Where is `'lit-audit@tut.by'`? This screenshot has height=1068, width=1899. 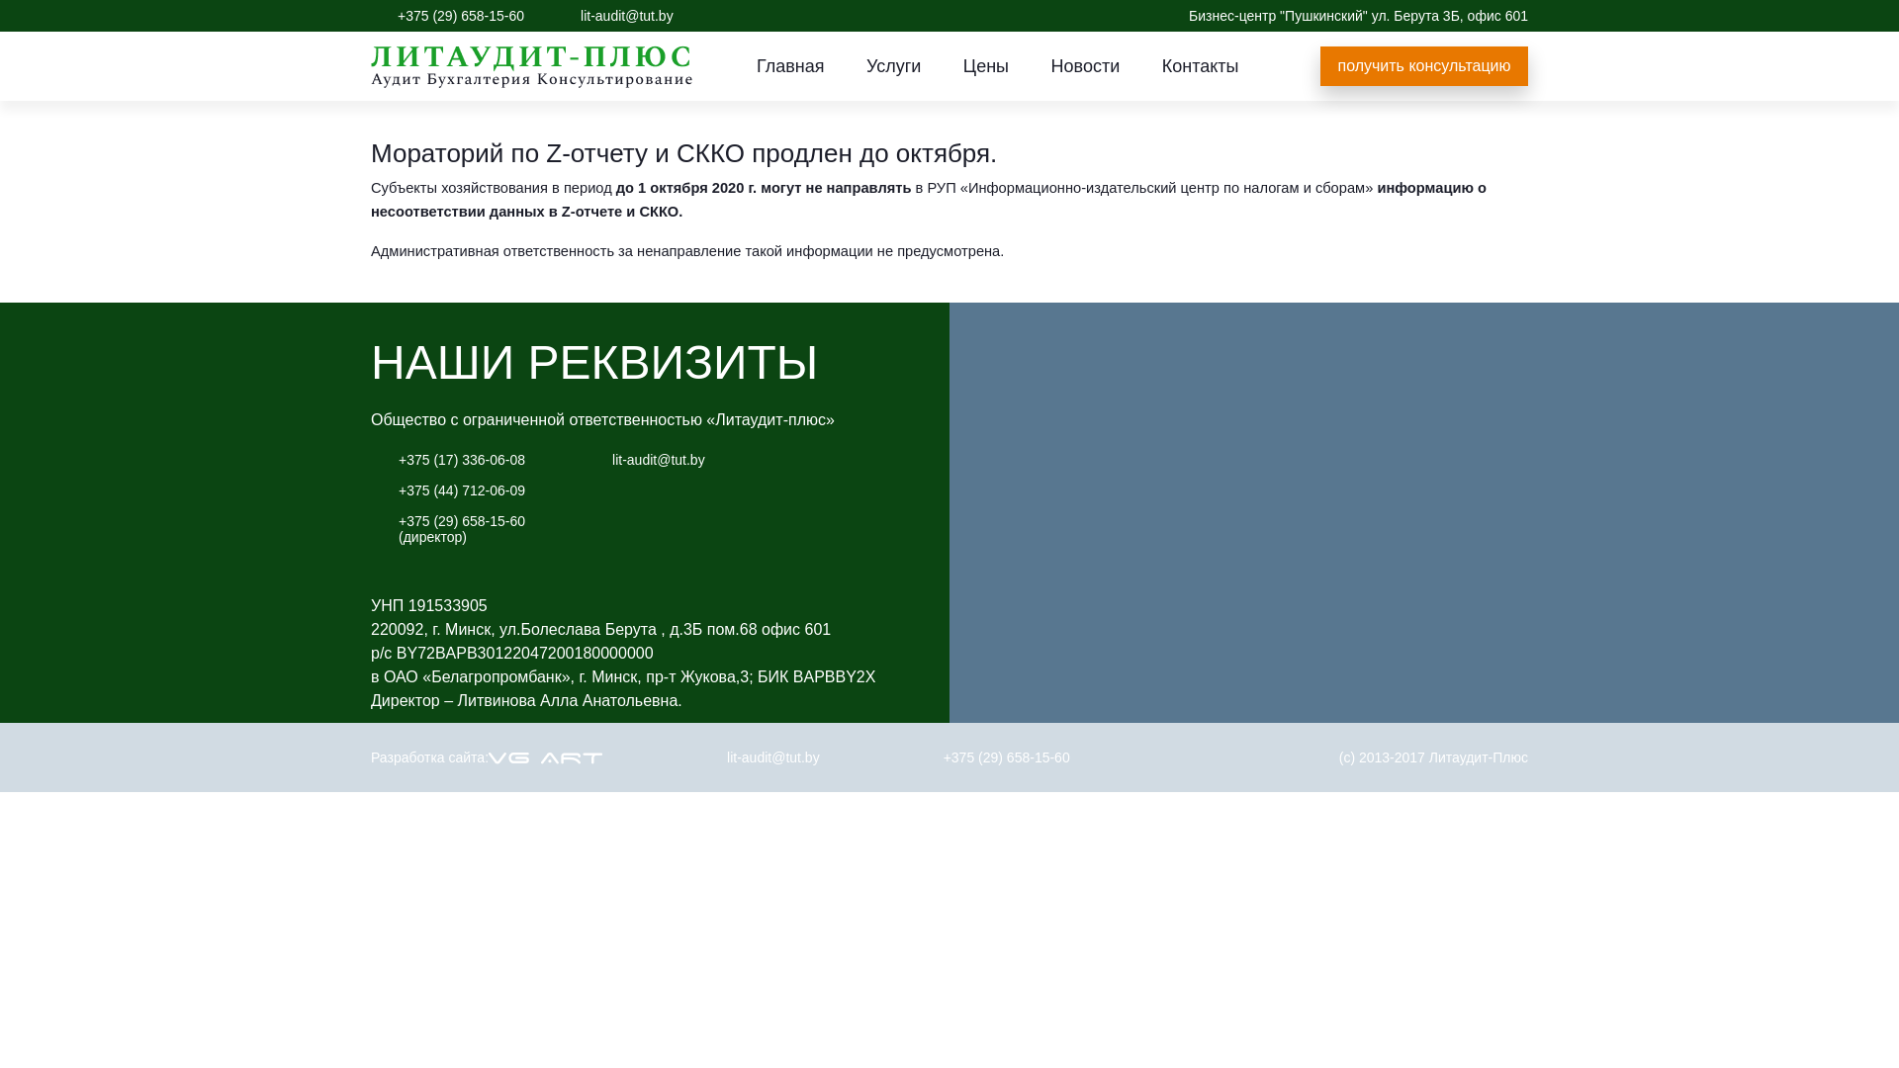 'lit-audit@tut.by' is located at coordinates (659, 460).